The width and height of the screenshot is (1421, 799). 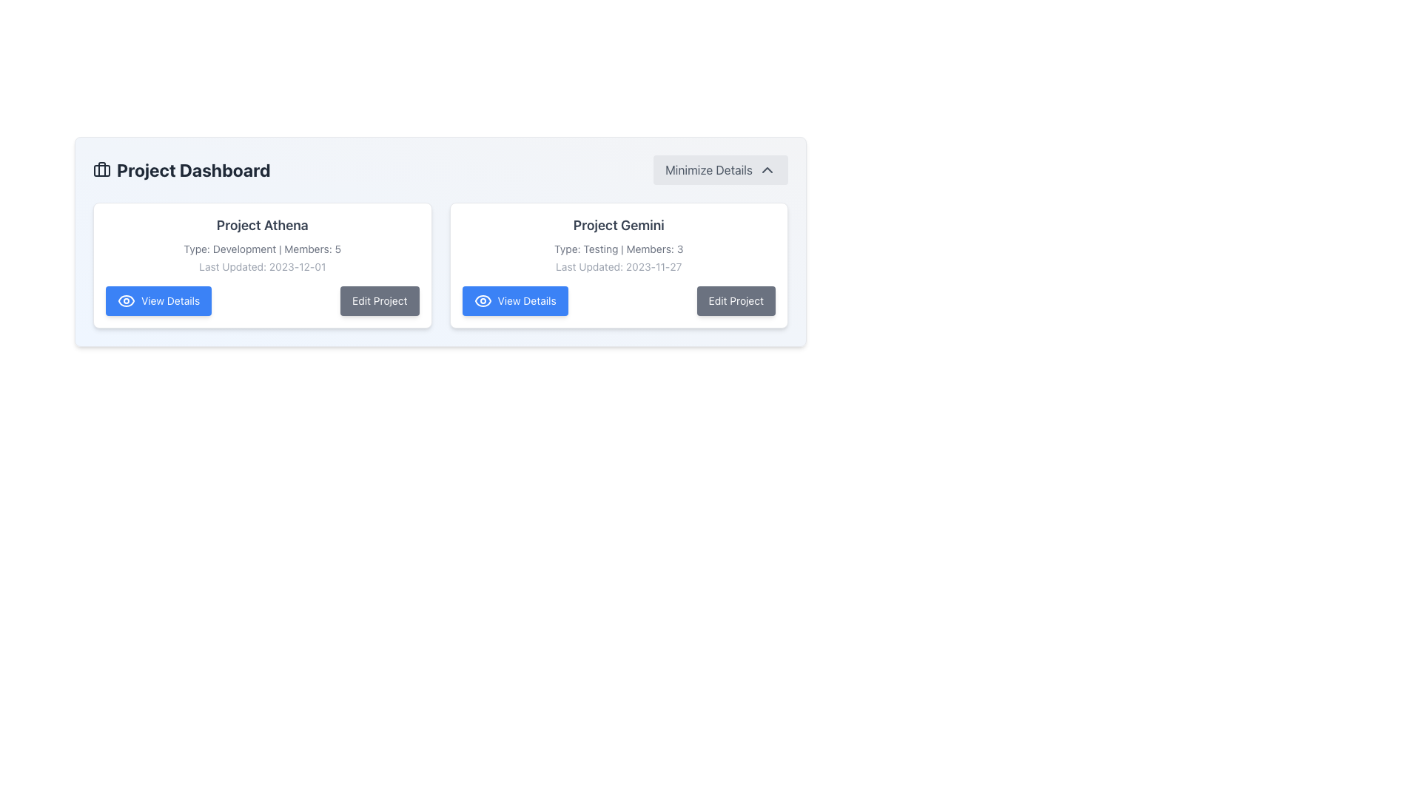 I want to click on the decorative graphical component that resembles the handle of a briefcase icon, located within the Project Dashboard title area, so click(x=101, y=168).